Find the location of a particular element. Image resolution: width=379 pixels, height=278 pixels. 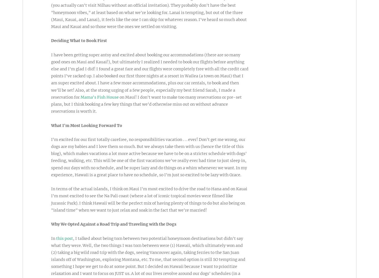

'Mama's Fish House' is located at coordinates (100, 97).